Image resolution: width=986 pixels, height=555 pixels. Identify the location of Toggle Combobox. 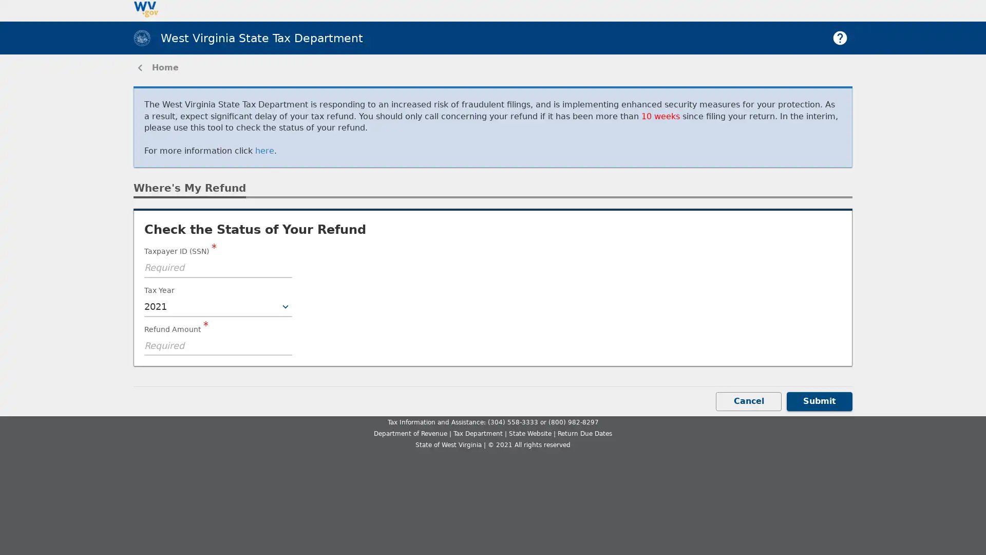
(286, 306).